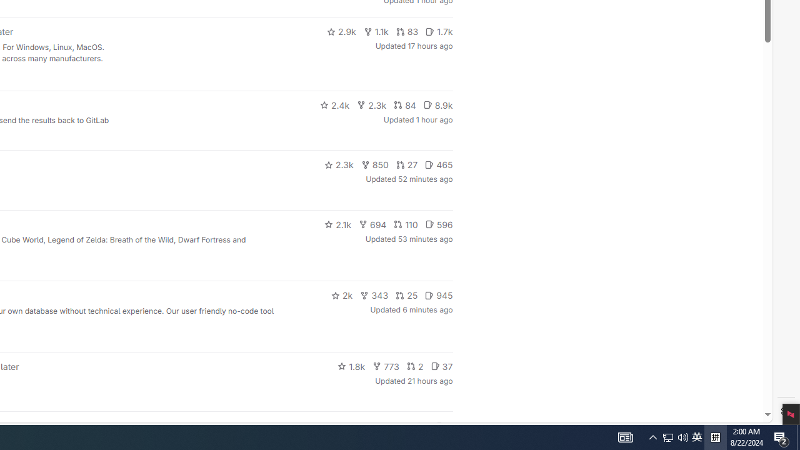 The width and height of the screenshot is (800, 450). Describe the element at coordinates (437, 104) in the screenshot. I see `'8.9k'` at that location.